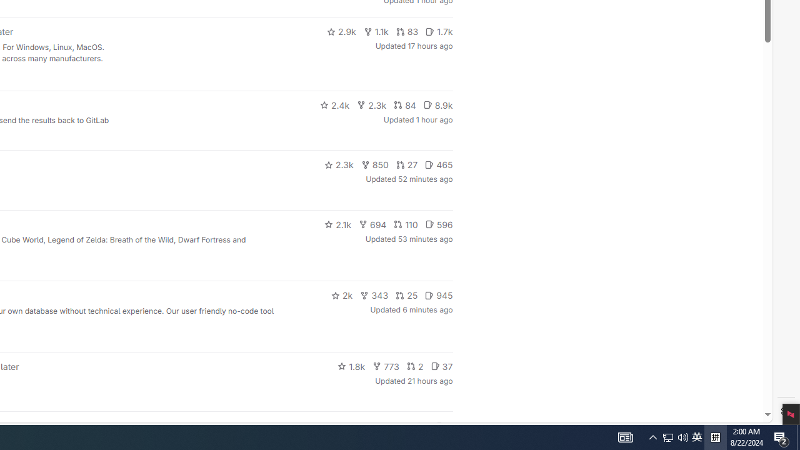 The width and height of the screenshot is (800, 450). Describe the element at coordinates (437, 104) in the screenshot. I see `'8.9k'` at that location.